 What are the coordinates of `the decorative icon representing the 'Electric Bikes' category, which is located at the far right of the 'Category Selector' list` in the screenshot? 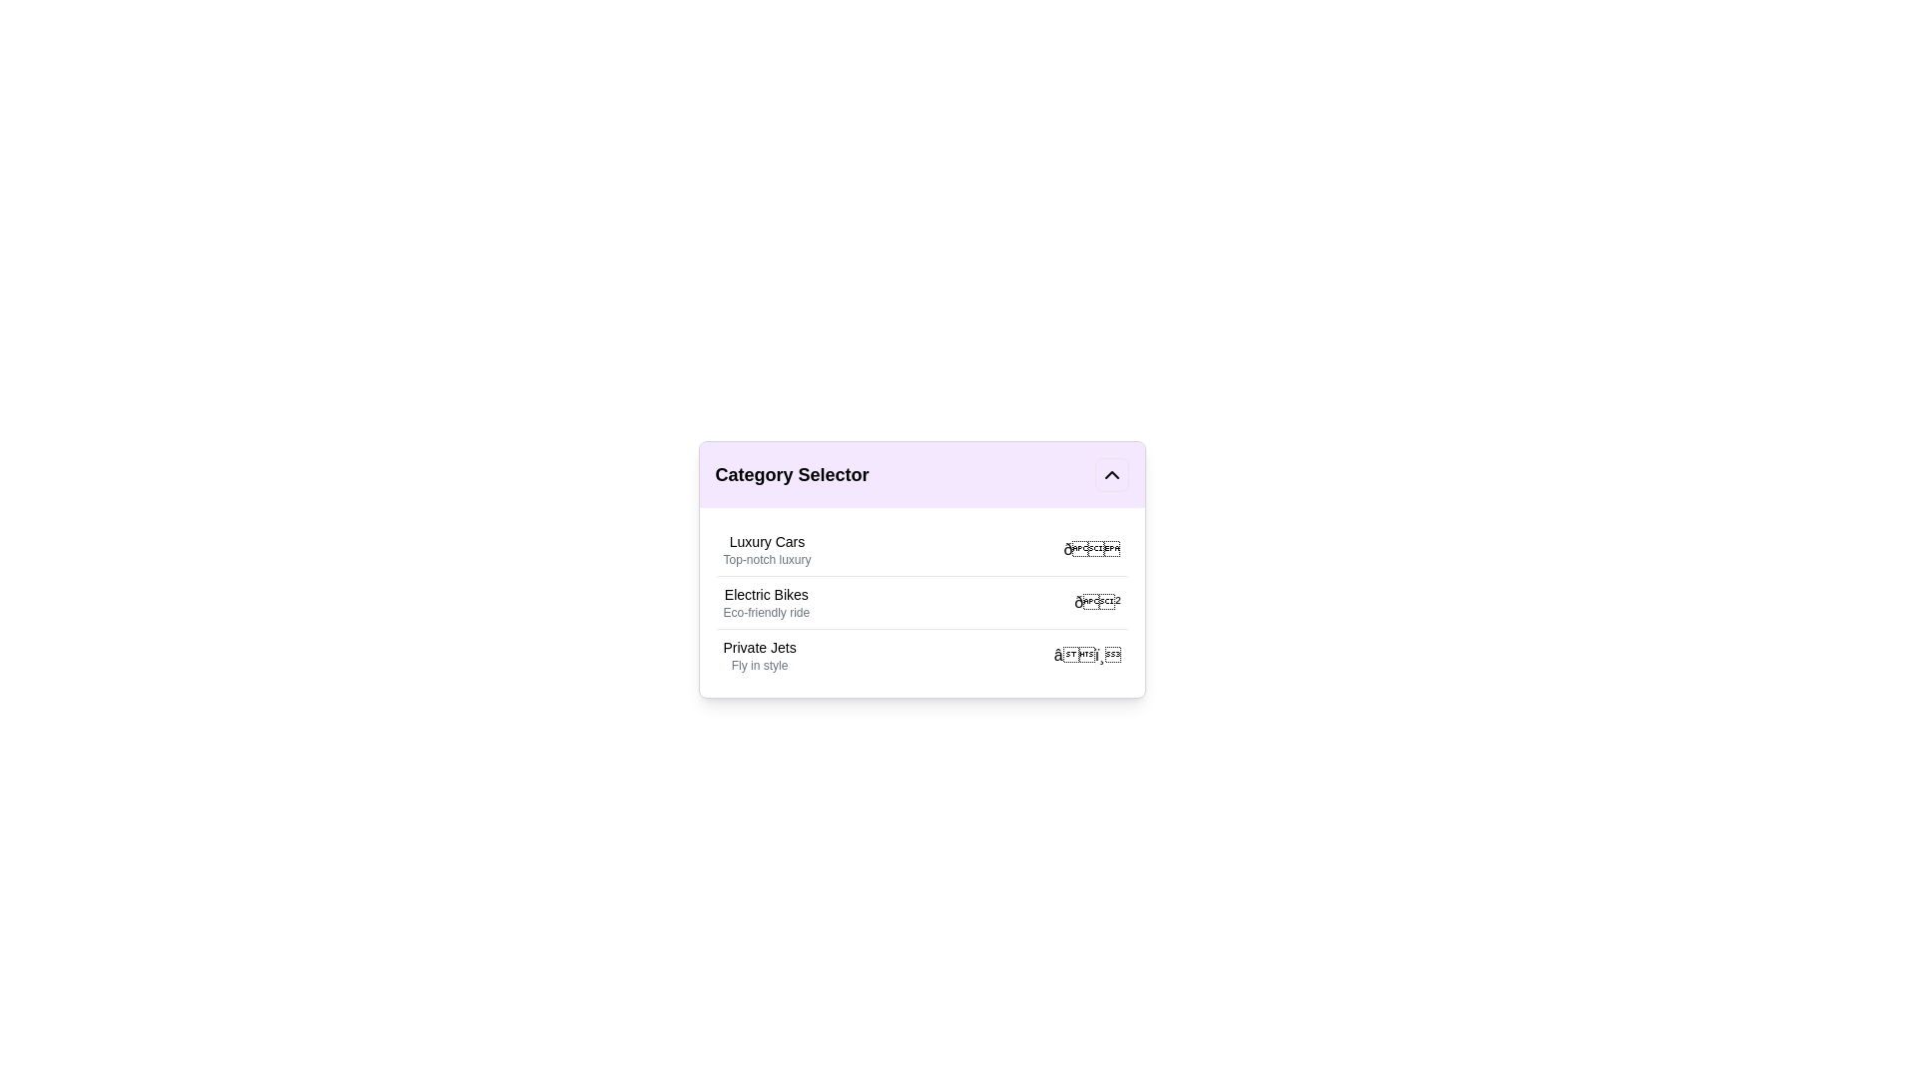 It's located at (1096, 602).